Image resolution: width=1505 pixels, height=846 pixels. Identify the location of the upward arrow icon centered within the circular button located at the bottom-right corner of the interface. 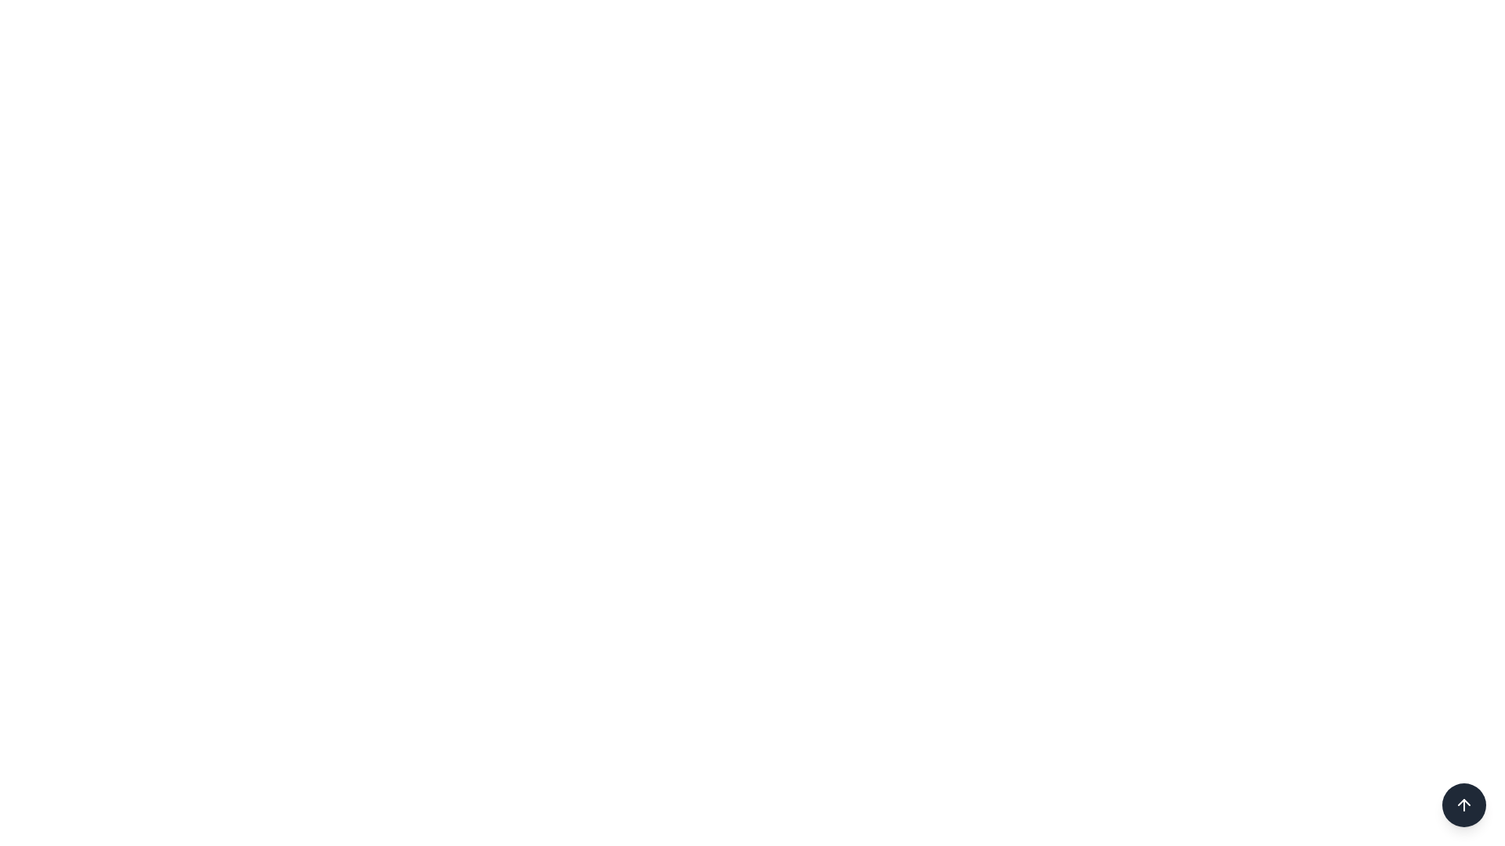
(1463, 805).